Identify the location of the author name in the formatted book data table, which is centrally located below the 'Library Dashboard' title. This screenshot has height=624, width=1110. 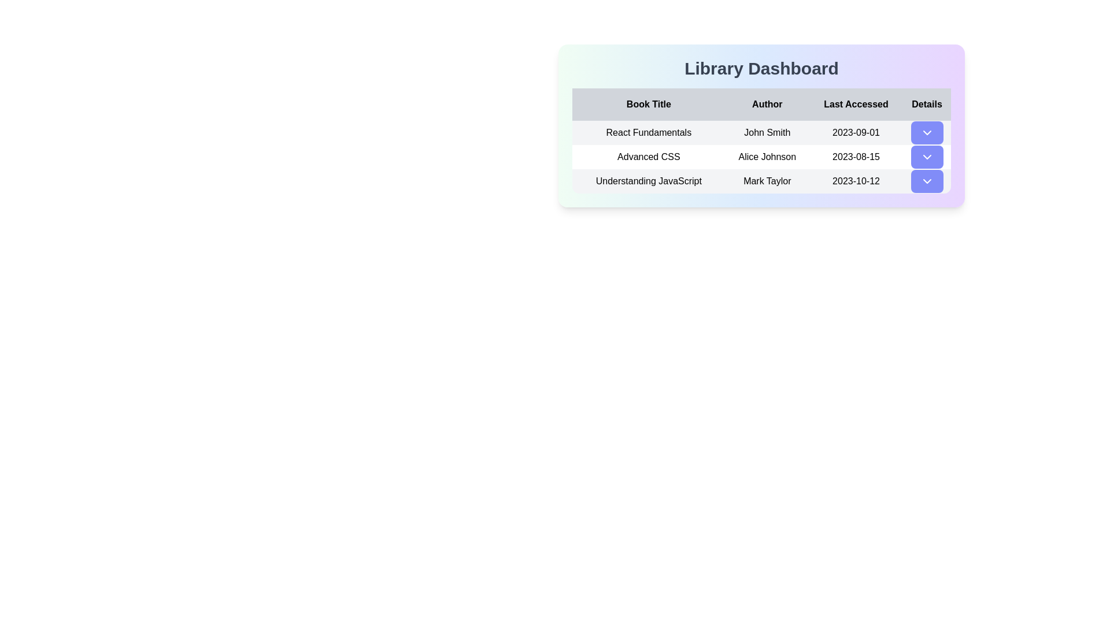
(761, 126).